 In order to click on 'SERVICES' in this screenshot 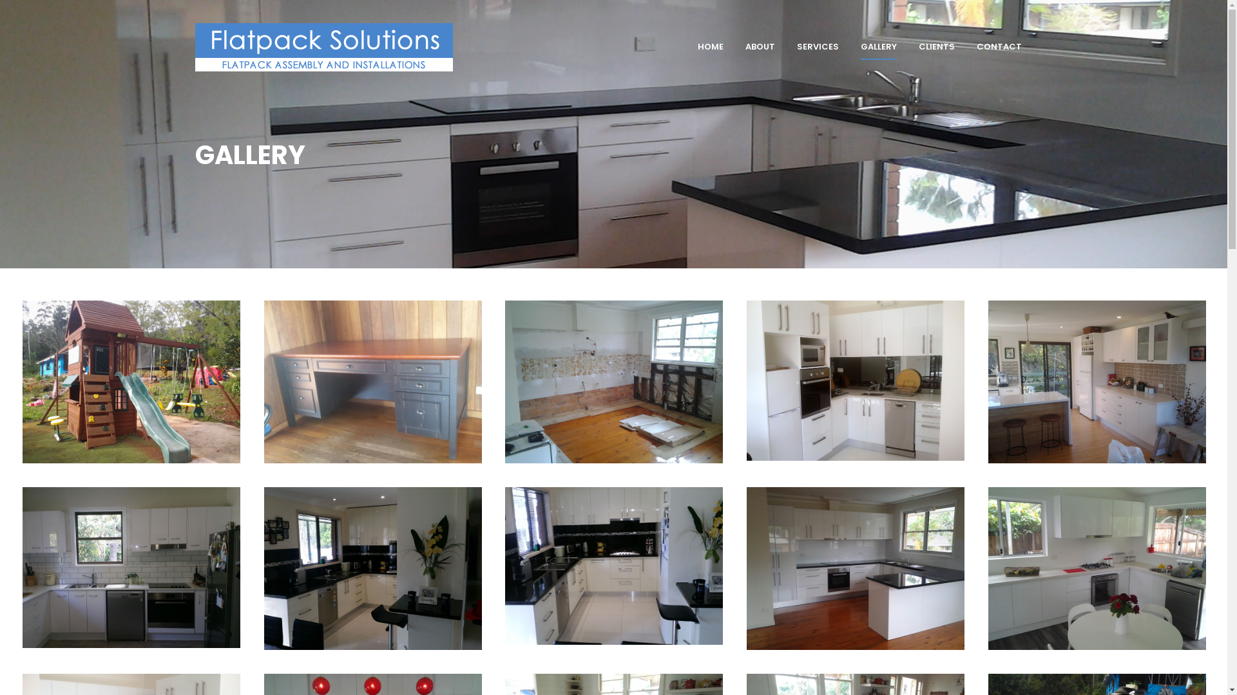, I will do `click(817, 46)`.